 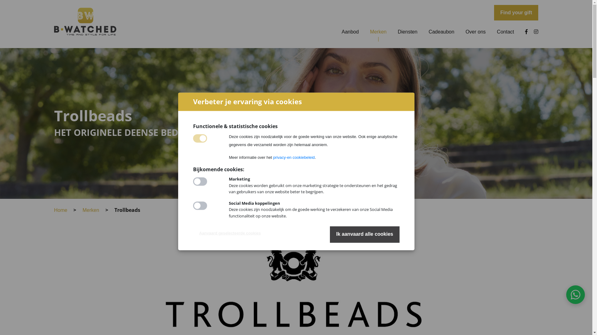 I want to click on 'Cadeaubon', so click(x=428, y=32).